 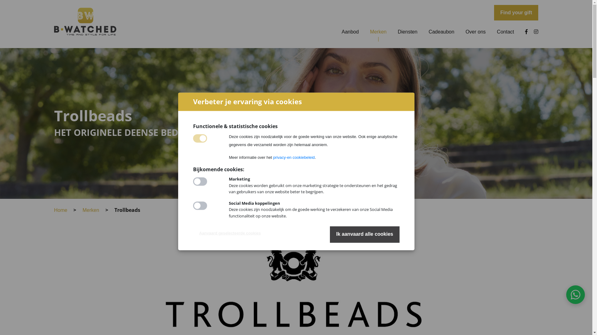 I want to click on 'Cadeaubon', so click(x=428, y=32).